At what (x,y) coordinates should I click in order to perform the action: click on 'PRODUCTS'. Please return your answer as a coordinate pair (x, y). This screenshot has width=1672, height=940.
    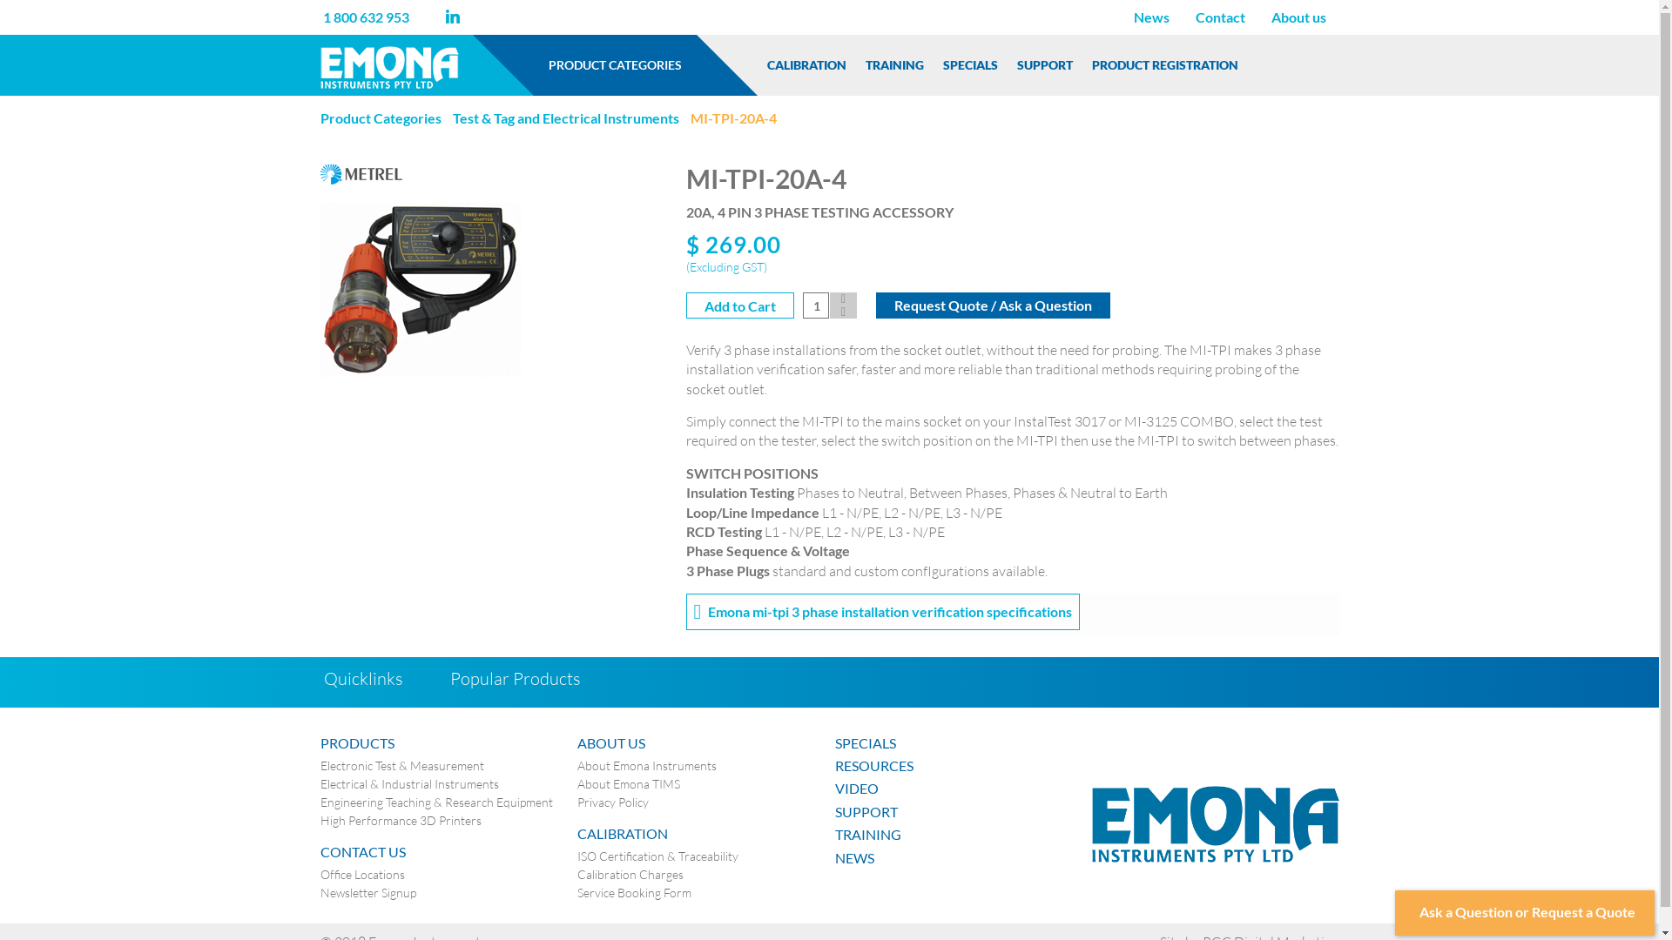
    Looking at the image, I should click on (320, 742).